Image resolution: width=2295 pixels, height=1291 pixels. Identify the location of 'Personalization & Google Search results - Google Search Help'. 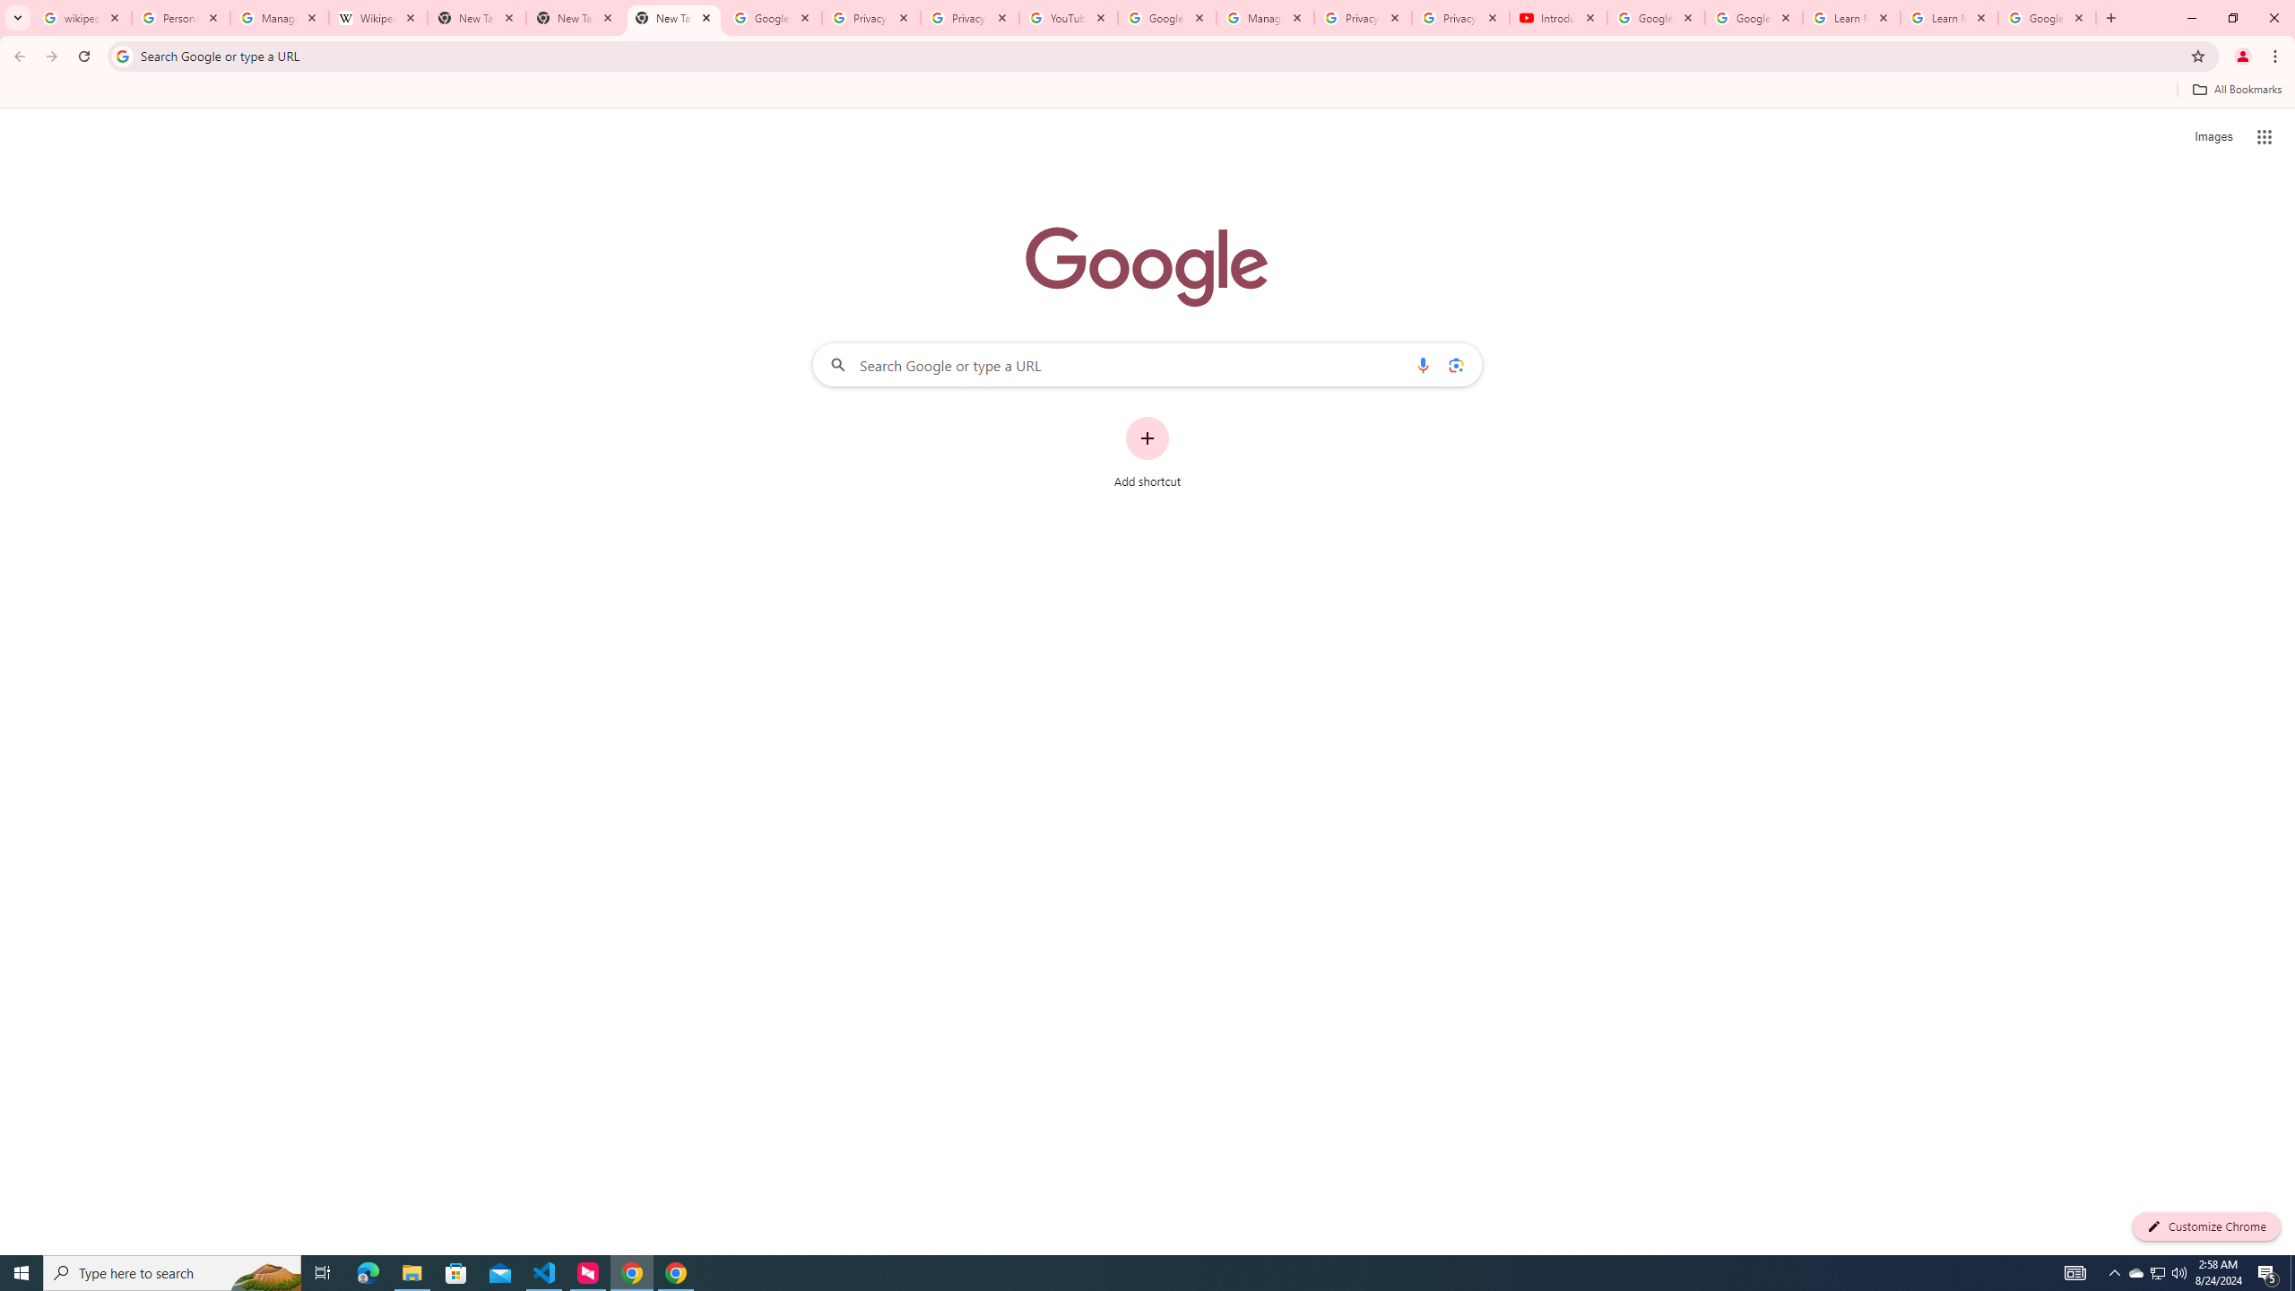
(180, 17).